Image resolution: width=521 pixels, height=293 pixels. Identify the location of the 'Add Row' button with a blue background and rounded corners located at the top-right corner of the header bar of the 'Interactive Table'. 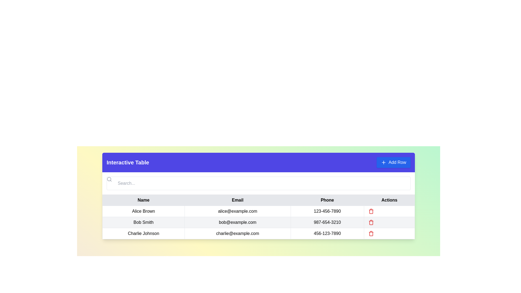
(393, 162).